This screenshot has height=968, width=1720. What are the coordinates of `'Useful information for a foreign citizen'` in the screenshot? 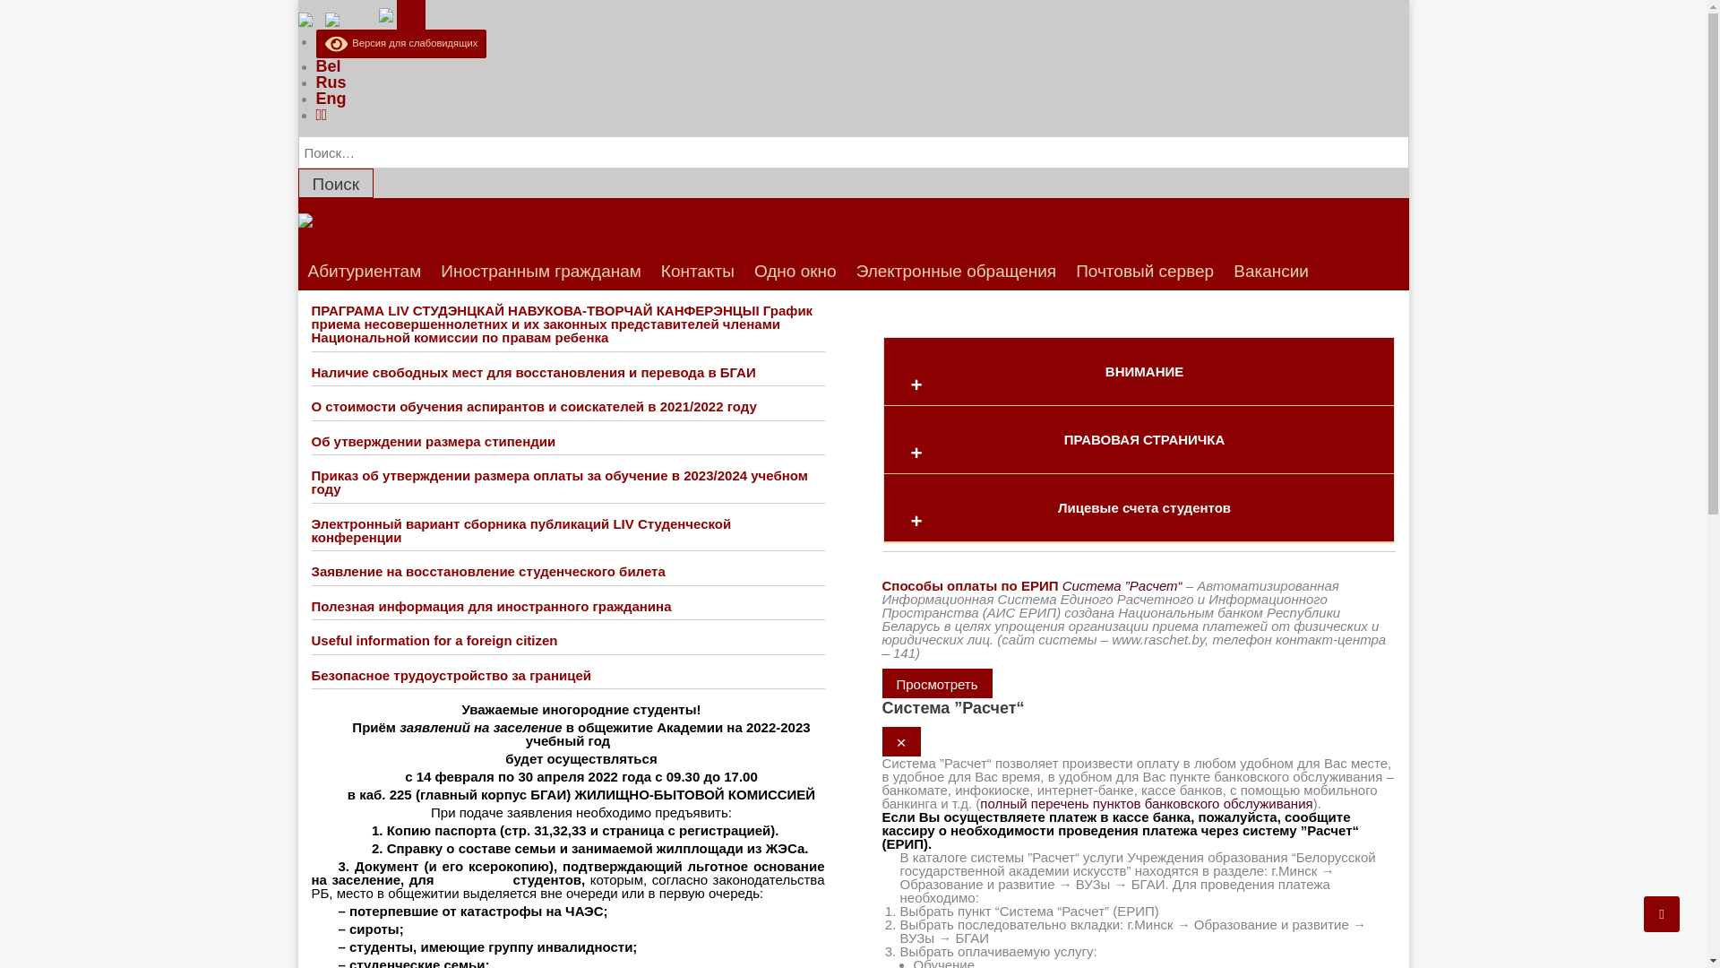 It's located at (434, 639).